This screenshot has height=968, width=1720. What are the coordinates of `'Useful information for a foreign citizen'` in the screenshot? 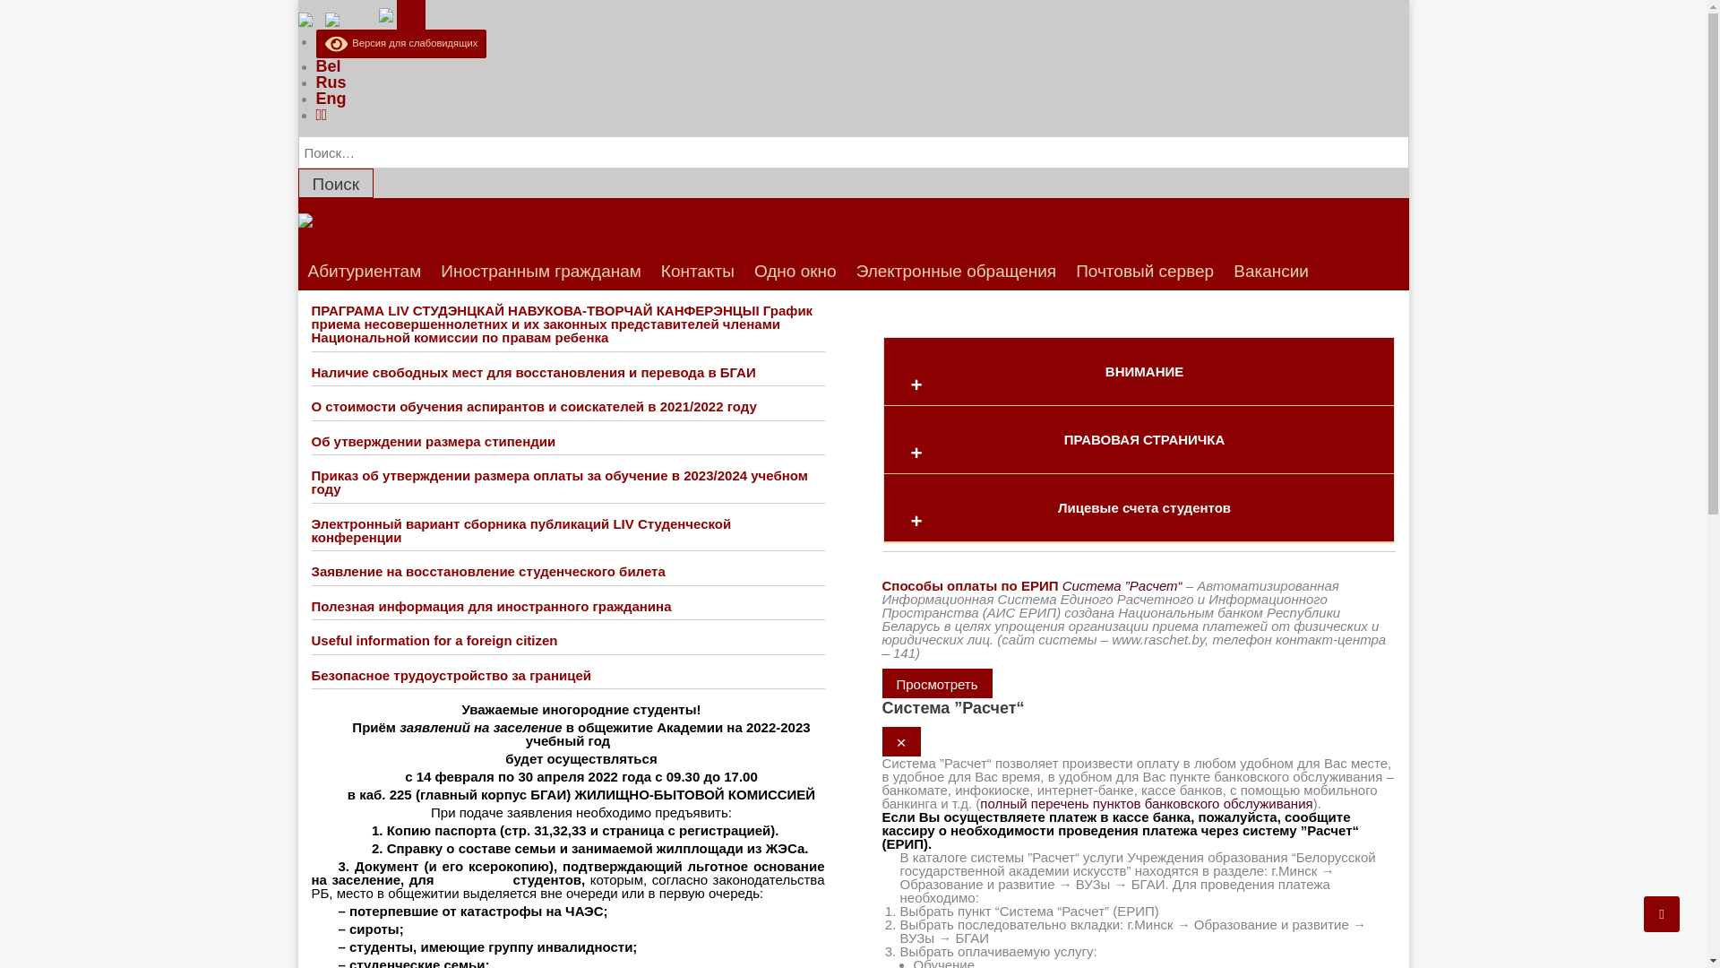 It's located at (434, 639).